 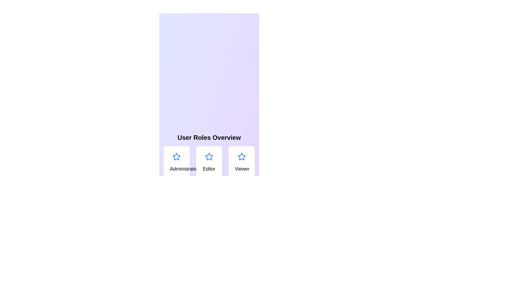 I want to click on the 'Viewer' text label, which is a bold, medium-large black text label located at the bottom section of a card-like structure, directly below a stylized blue star icon, so click(x=241, y=169).